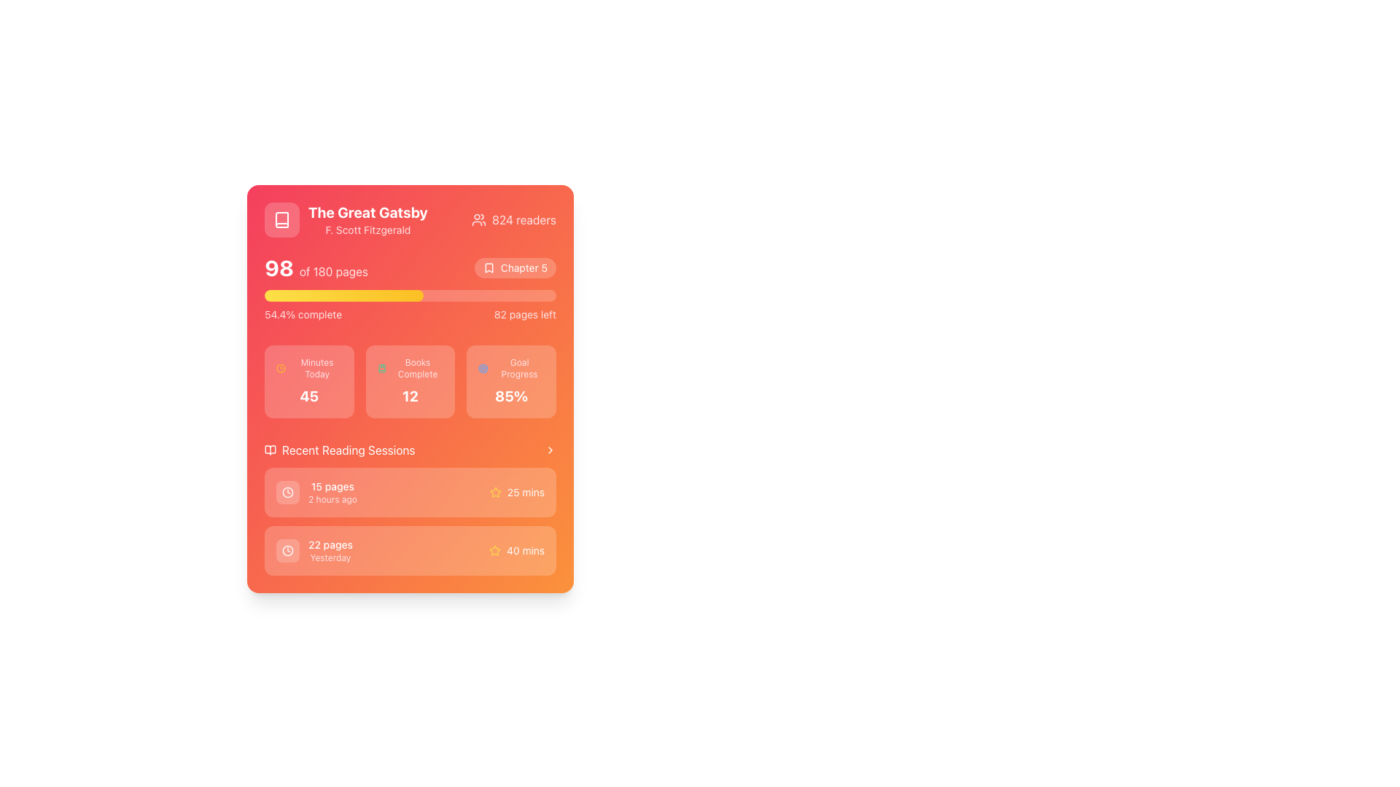  Describe the element at coordinates (332, 272) in the screenshot. I see `the text label that reads 'of 180 pages', which is positioned immediately to the right of the bold numeric value '98' in the top-left section of the card layout` at that location.